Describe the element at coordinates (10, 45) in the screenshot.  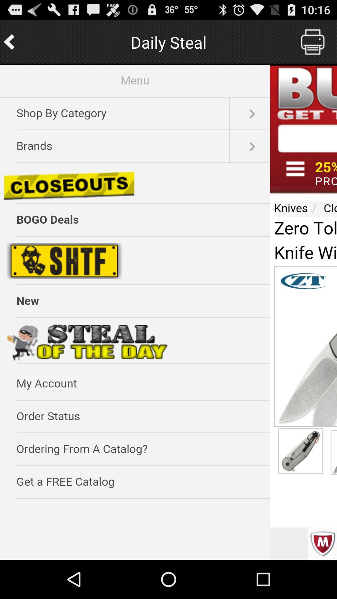
I see `the arrow_backward icon` at that location.